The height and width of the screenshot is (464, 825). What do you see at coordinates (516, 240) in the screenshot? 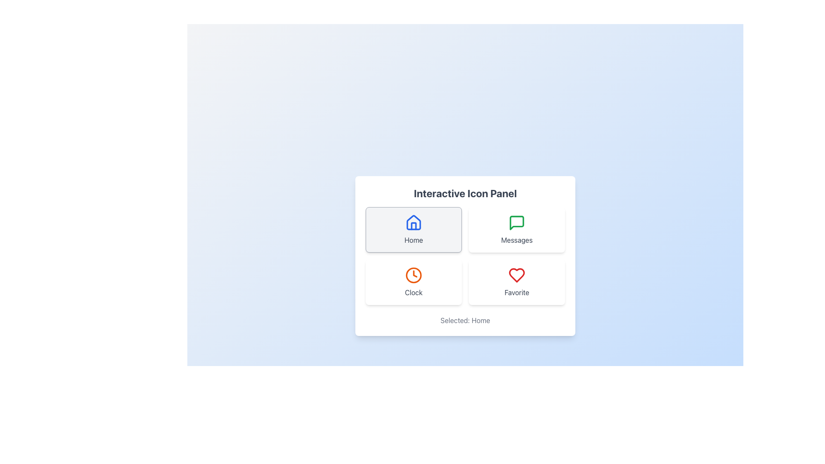
I see `the 'Messages' text label located beneath the green speech bubble icon in the Interactive Icon Panel` at bounding box center [516, 240].